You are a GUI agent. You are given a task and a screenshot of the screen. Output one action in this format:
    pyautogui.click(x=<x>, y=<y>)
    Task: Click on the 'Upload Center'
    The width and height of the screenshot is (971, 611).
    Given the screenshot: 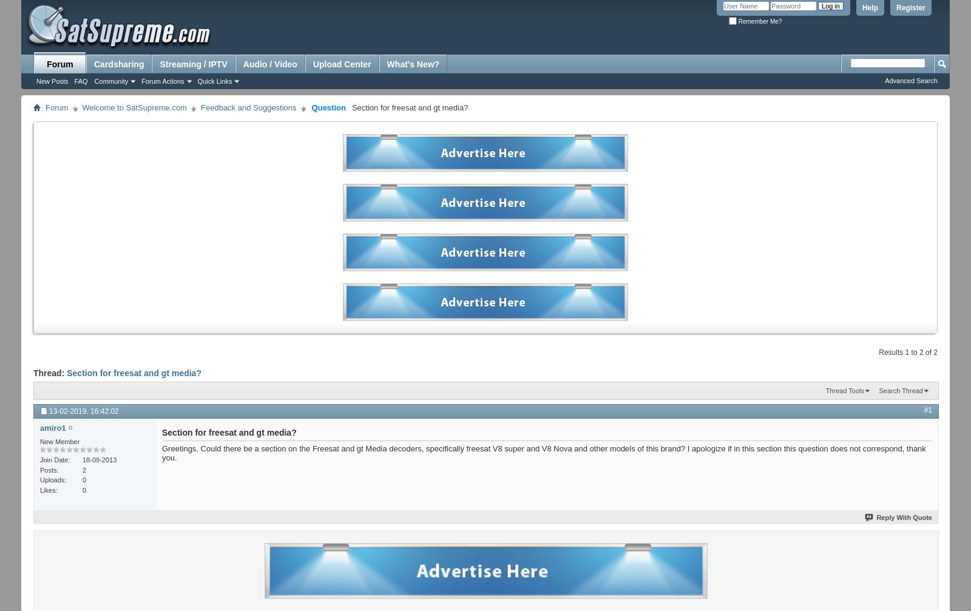 What is the action you would take?
    pyautogui.click(x=341, y=64)
    